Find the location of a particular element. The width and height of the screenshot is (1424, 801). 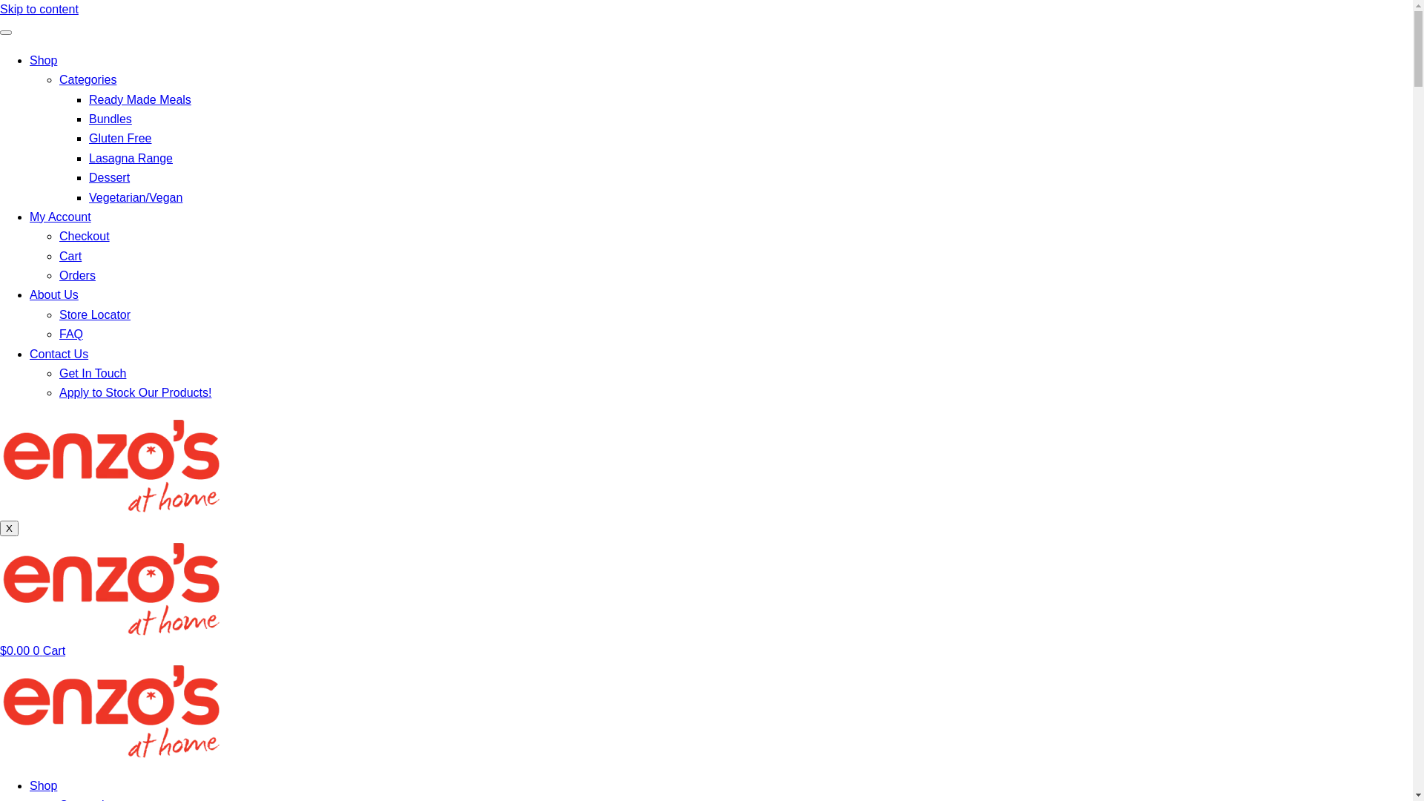

'Vegetarian/Vegan' is located at coordinates (135, 197).